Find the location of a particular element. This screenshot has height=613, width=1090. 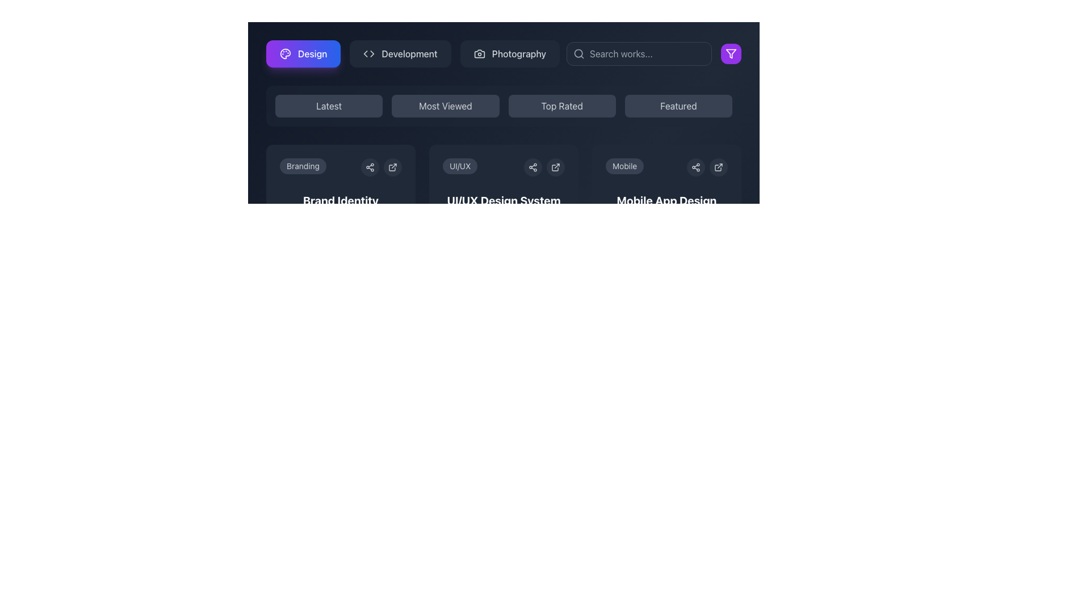

the magnifying glass icon, which is an outline-style icon located to the left of the search input field in the top horizontal navigation bar is located at coordinates (578, 54).